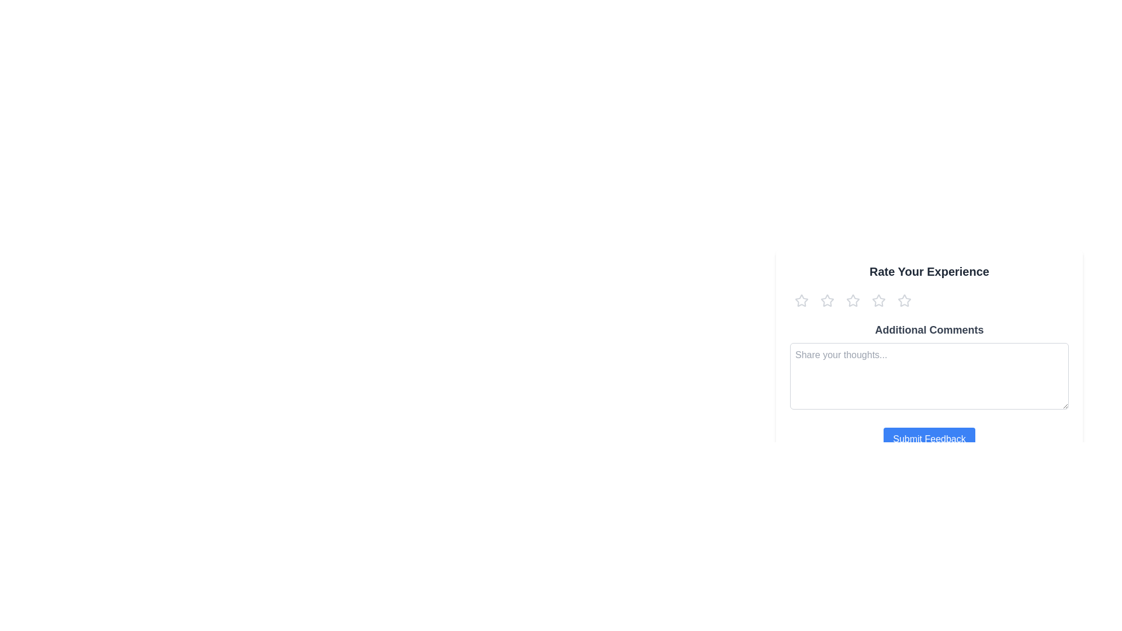 The height and width of the screenshot is (631, 1122). I want to click on the second star-shaped icon in light gray color, so click(827, 300).